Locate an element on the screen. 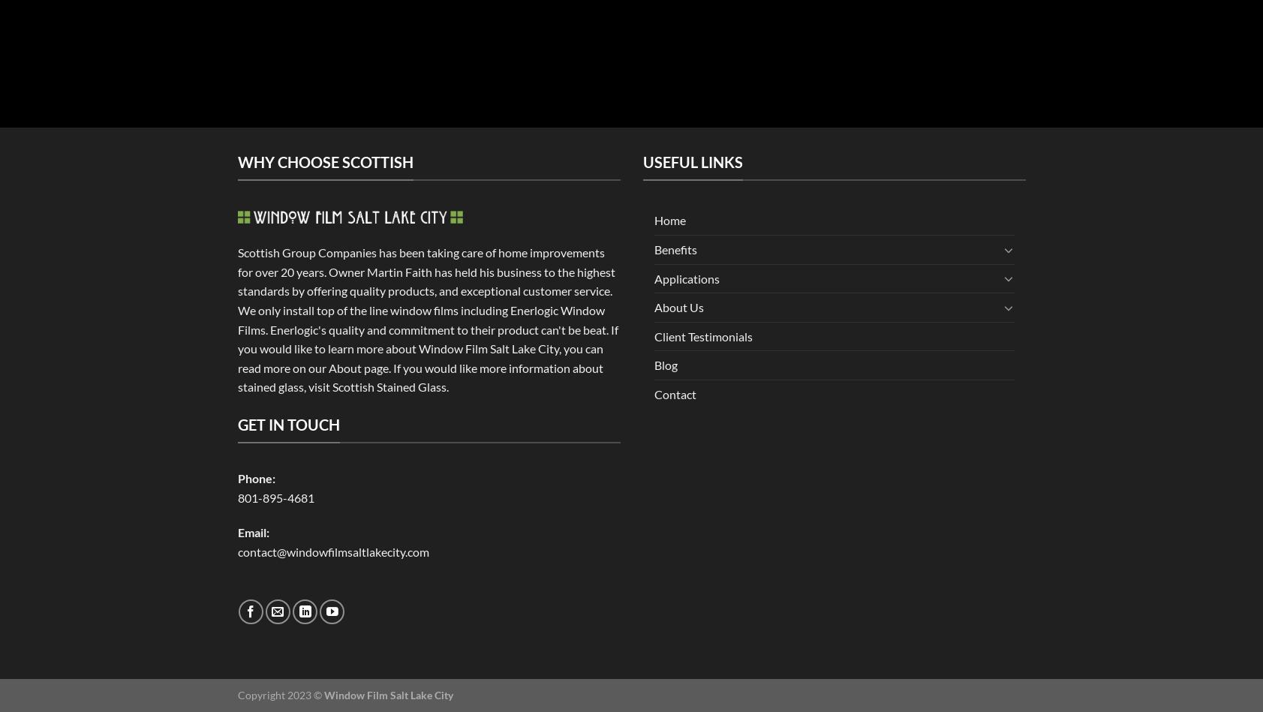 The height and width of the screenshot is (712, 1263). 'Copyright 2023 ©' is located at coordinates (237, 694).